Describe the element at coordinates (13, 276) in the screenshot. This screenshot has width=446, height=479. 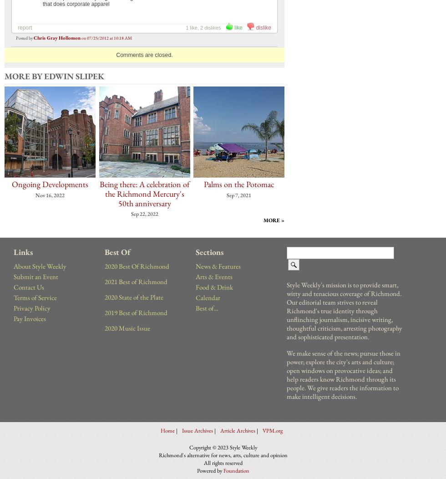
I see `'Submit an Event'` at that location.